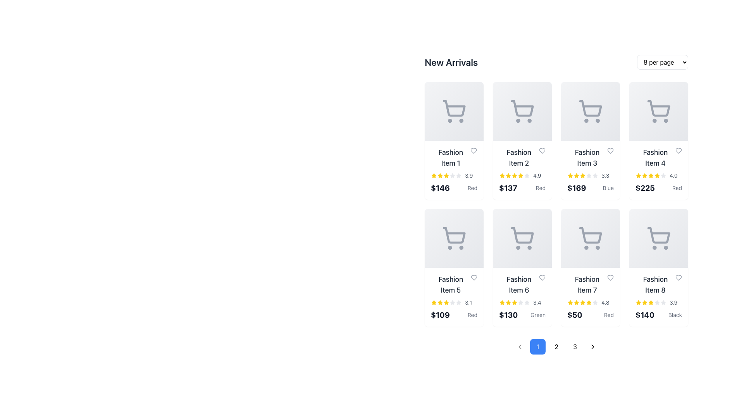 The width and height of the screenshot is (744, 418). I want to click on the heart-shaped icon with a light gray outline located at the top-right corner of the card displaying 'Fashion Item 7' to favorite the item, so click(610, 277).